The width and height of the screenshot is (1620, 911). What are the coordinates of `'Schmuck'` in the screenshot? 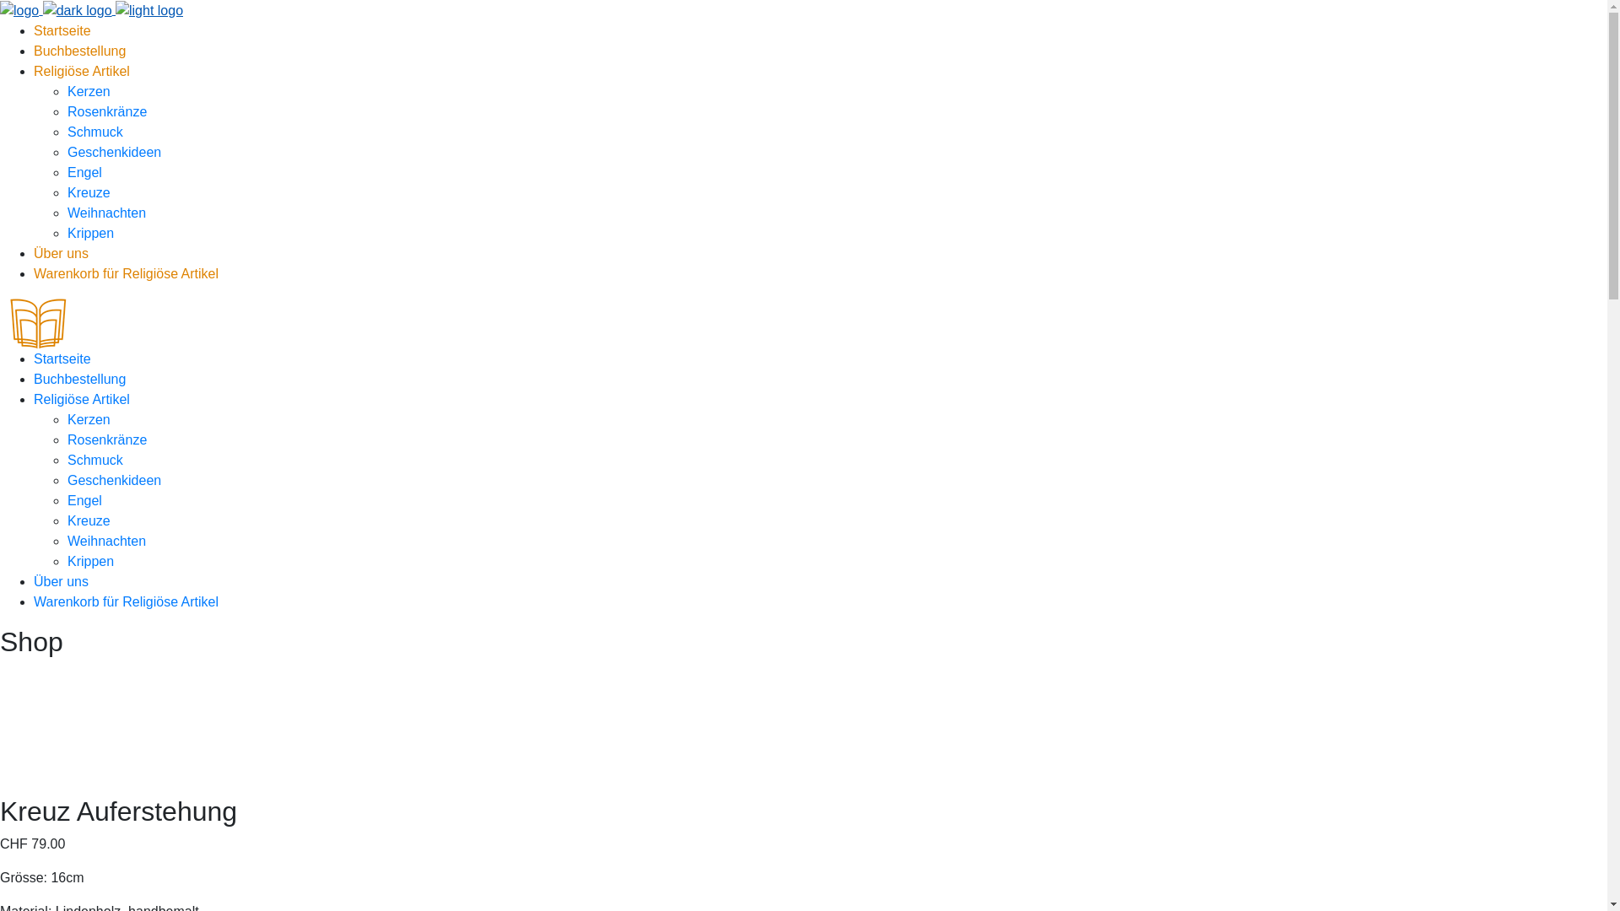 It's located at (94, 460).